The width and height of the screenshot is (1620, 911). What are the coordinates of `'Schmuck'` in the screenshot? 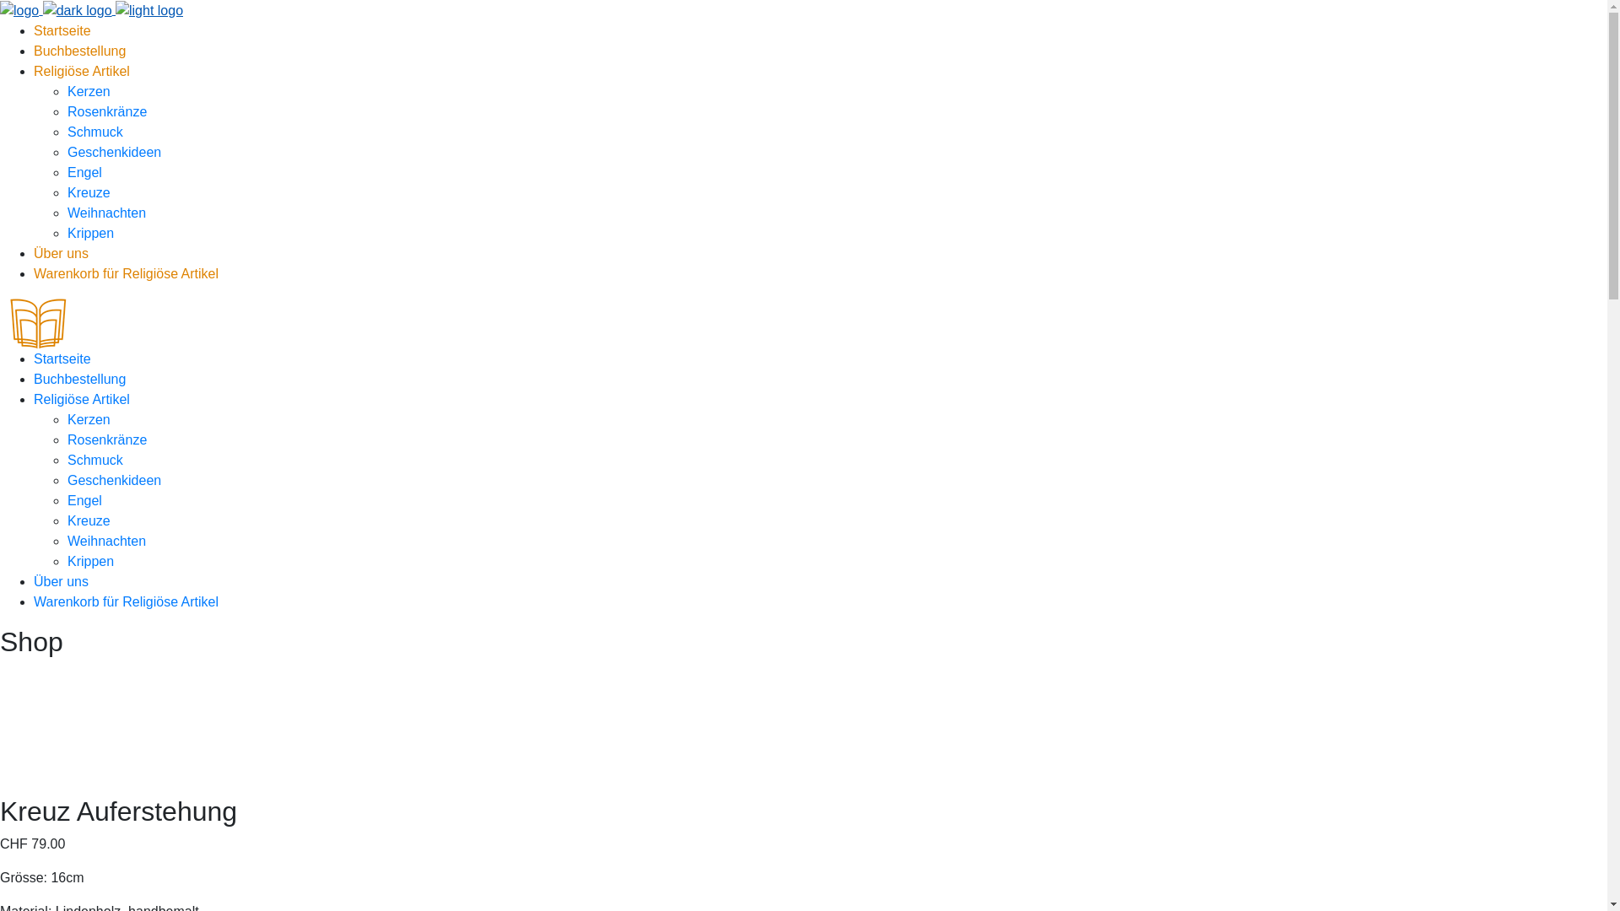 It's located at (94, 460).